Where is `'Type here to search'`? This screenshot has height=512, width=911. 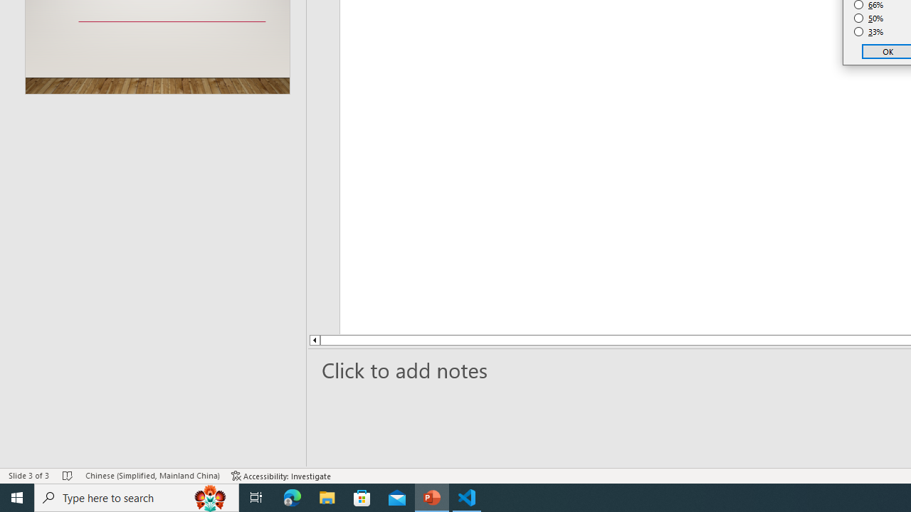 'Type here to search' is located at coordinates (137, 496).